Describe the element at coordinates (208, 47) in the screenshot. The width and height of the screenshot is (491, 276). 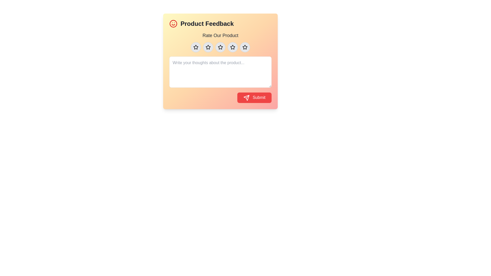
I see `the second star button in the five-star rating system` at that location.